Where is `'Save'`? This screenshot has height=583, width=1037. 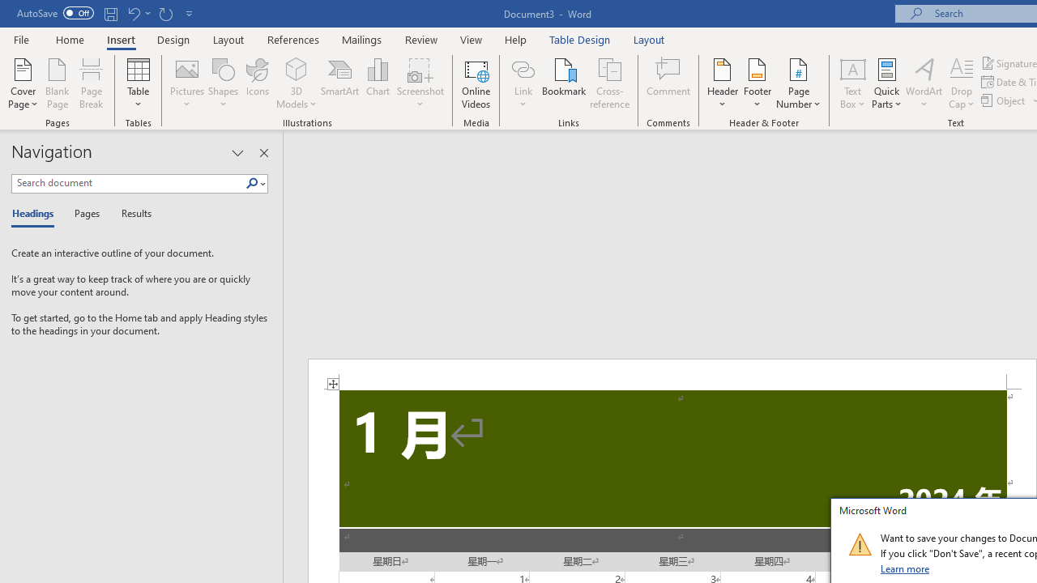 'Save' is located at coordinates (109, 13).